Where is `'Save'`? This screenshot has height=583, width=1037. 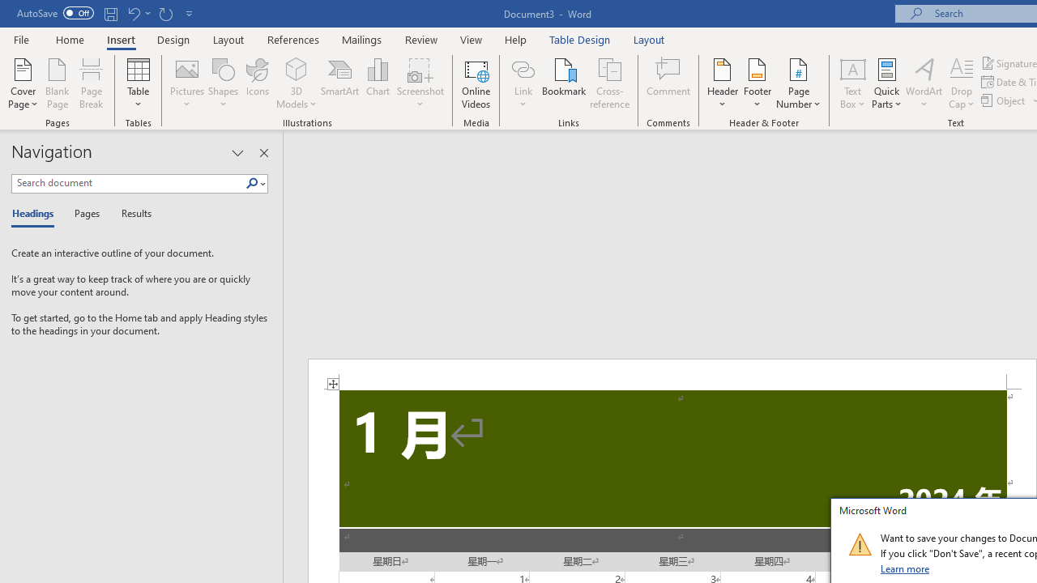 'Save' is located at coordinates (109, 13).